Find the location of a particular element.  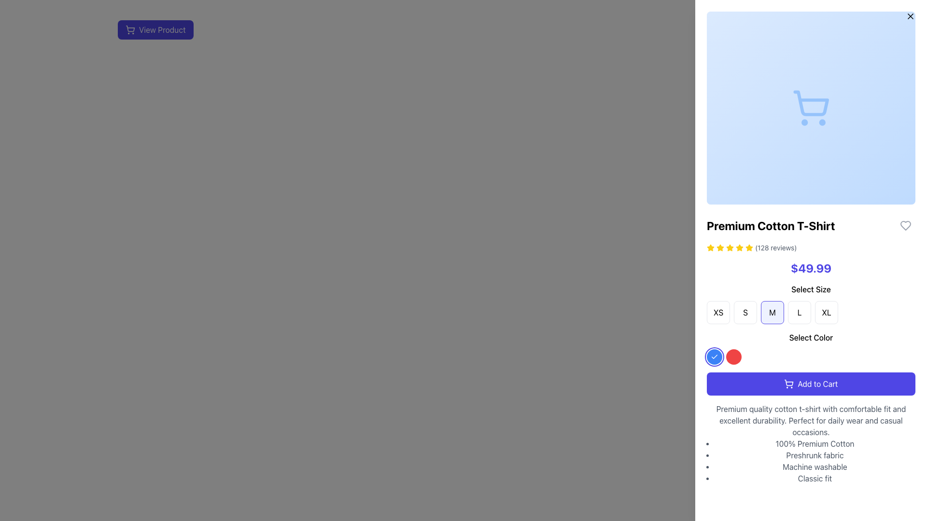

the heart-shaped icon button located in the top-right corner of the product detail section, which has a line-based outline and light gray color is located at coordinates (905, 225).